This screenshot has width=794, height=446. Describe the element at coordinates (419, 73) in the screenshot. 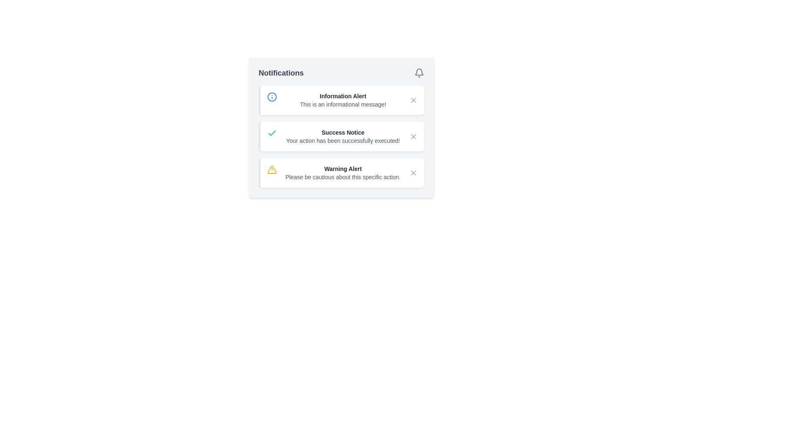

I see `the bell-shaped notification icon located in the top-right corner of the 'Notifications' header section` at that location.